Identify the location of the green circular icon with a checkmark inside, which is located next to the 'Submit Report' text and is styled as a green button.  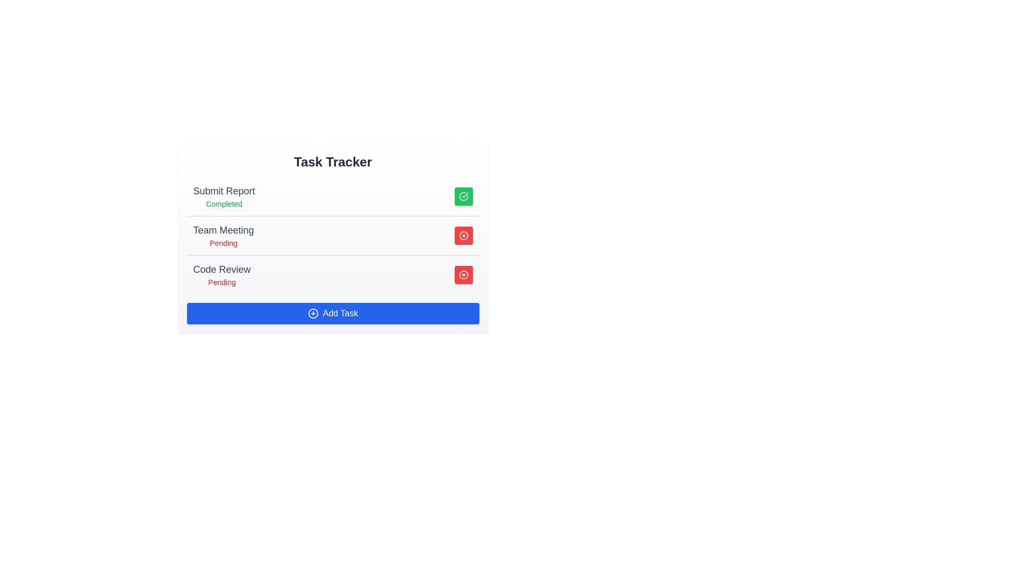
(463, 197).